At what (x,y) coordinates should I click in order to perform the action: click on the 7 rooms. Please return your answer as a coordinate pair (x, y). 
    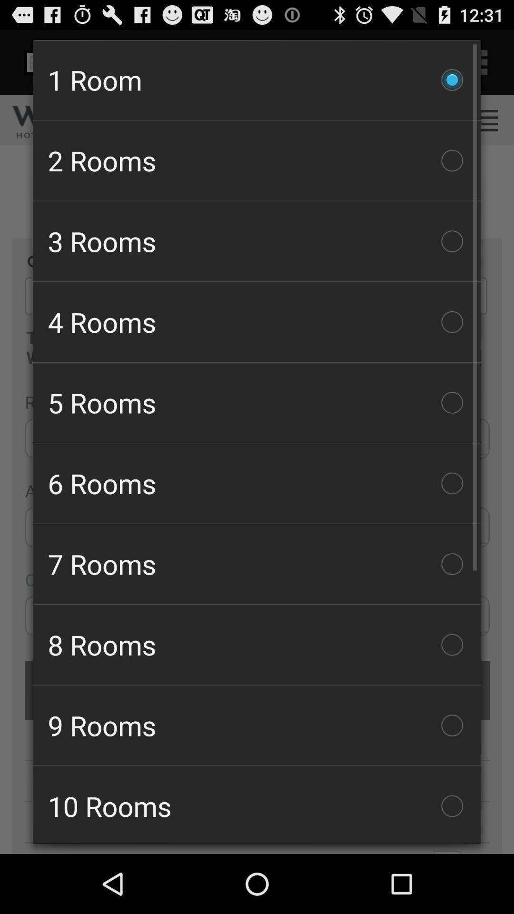
    Looking at the image, I should click on (257, 564).